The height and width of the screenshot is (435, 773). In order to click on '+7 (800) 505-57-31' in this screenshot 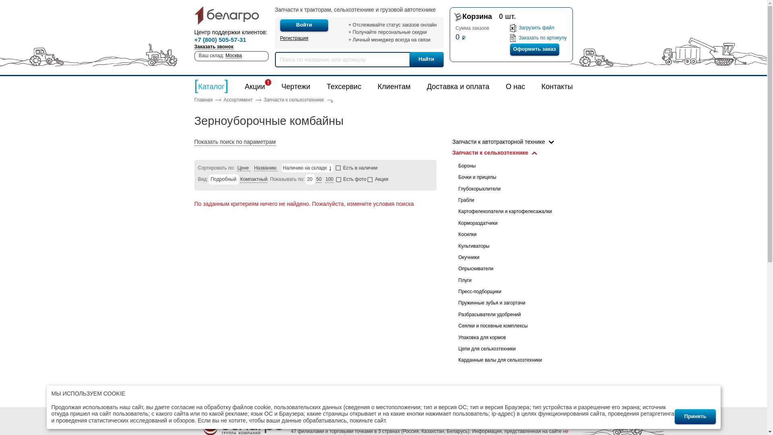, I will do `click(220, 40)`.